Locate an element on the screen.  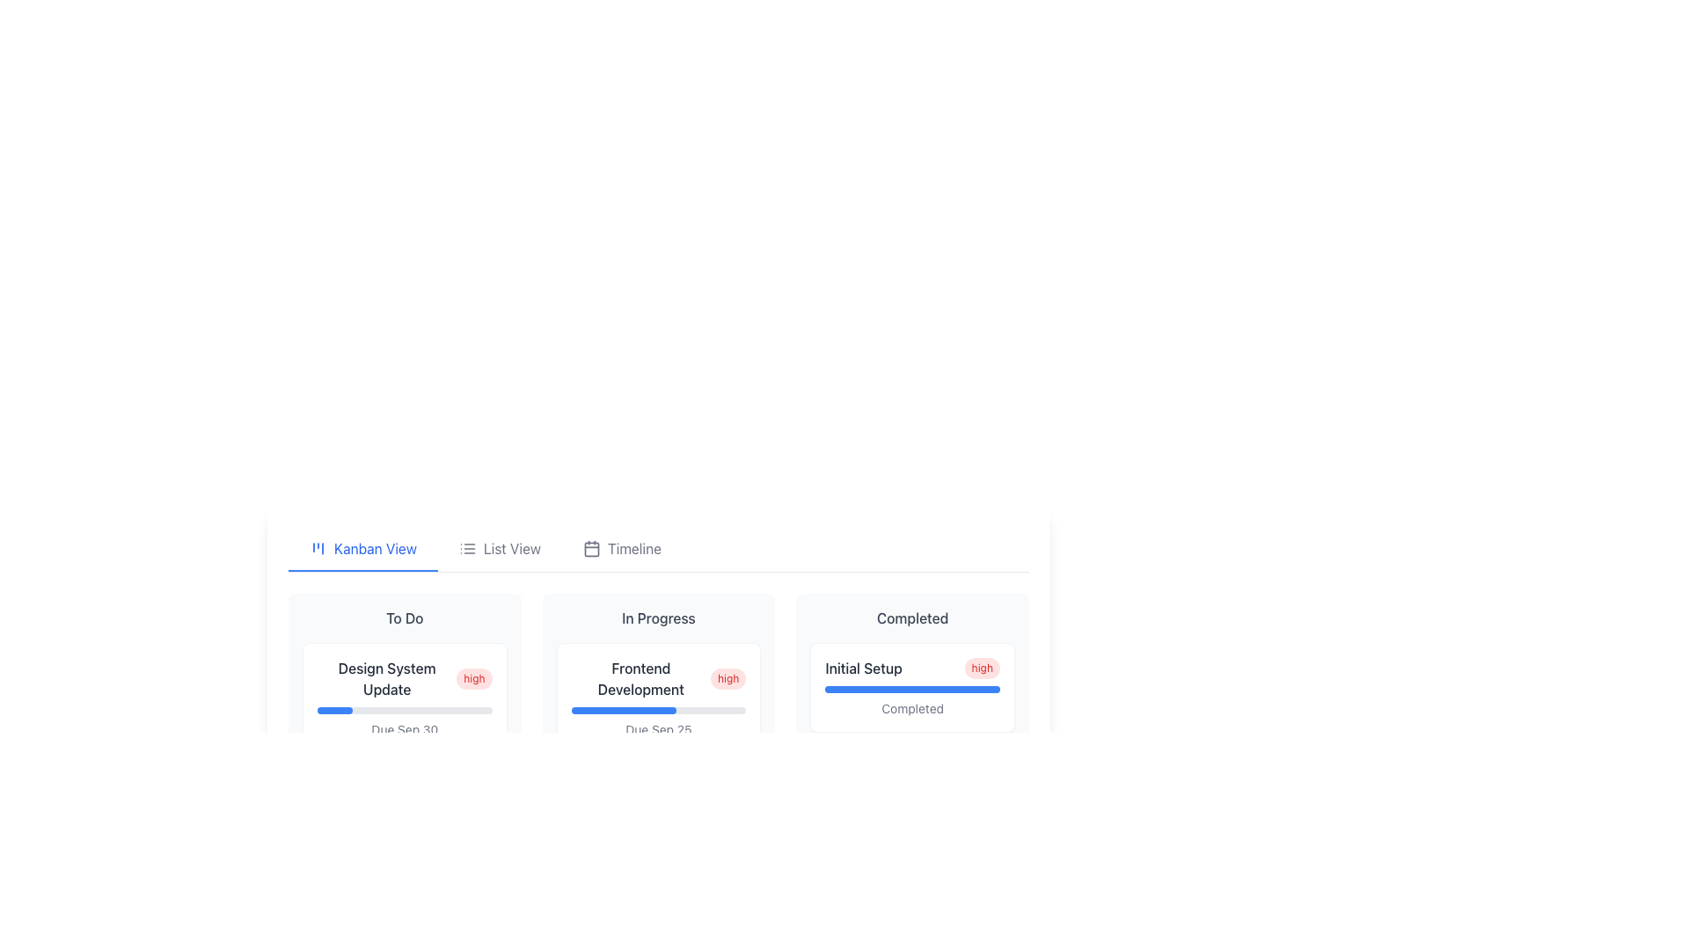
the 'List View' SVG icon, which is part of the button group for view layout options is located at coordinates (467, 548).